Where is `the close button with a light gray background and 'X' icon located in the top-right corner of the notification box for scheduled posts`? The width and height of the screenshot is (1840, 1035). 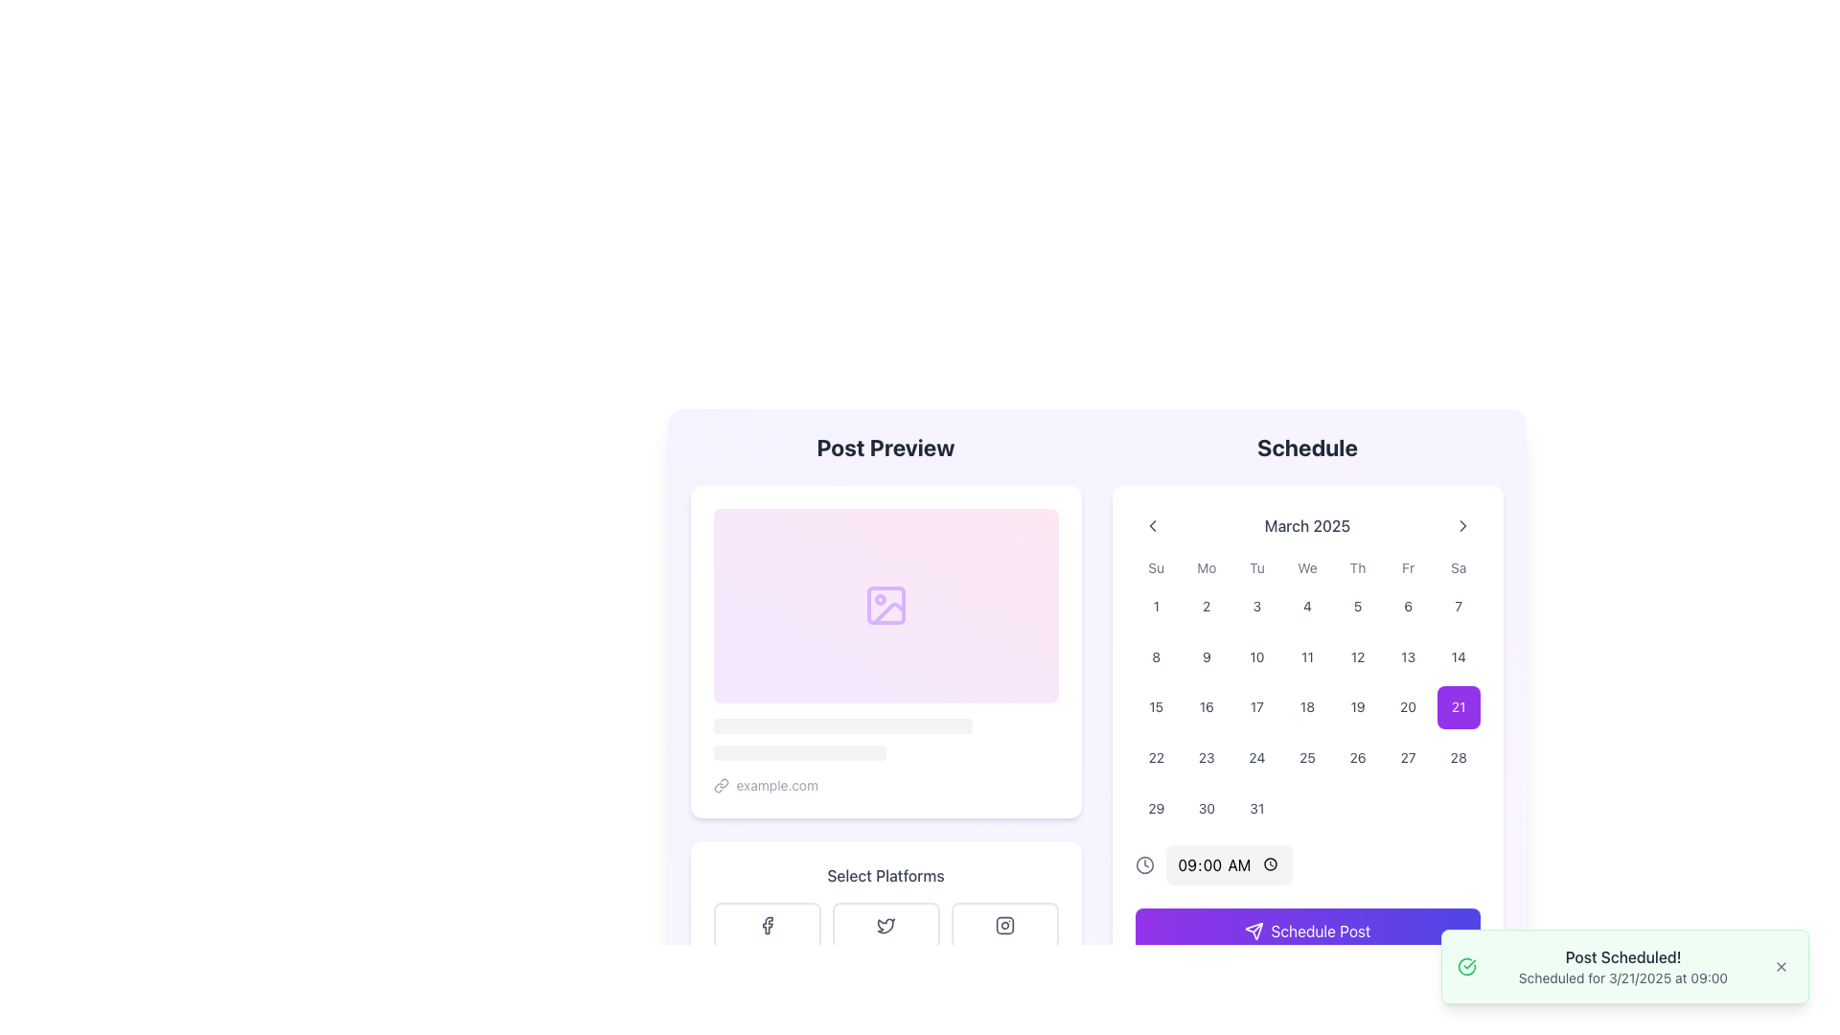
the close button with a light gray background and 'X' icon located in the top-right corner of the notification box for scheduled posts is located at coordinates (1780, 967).